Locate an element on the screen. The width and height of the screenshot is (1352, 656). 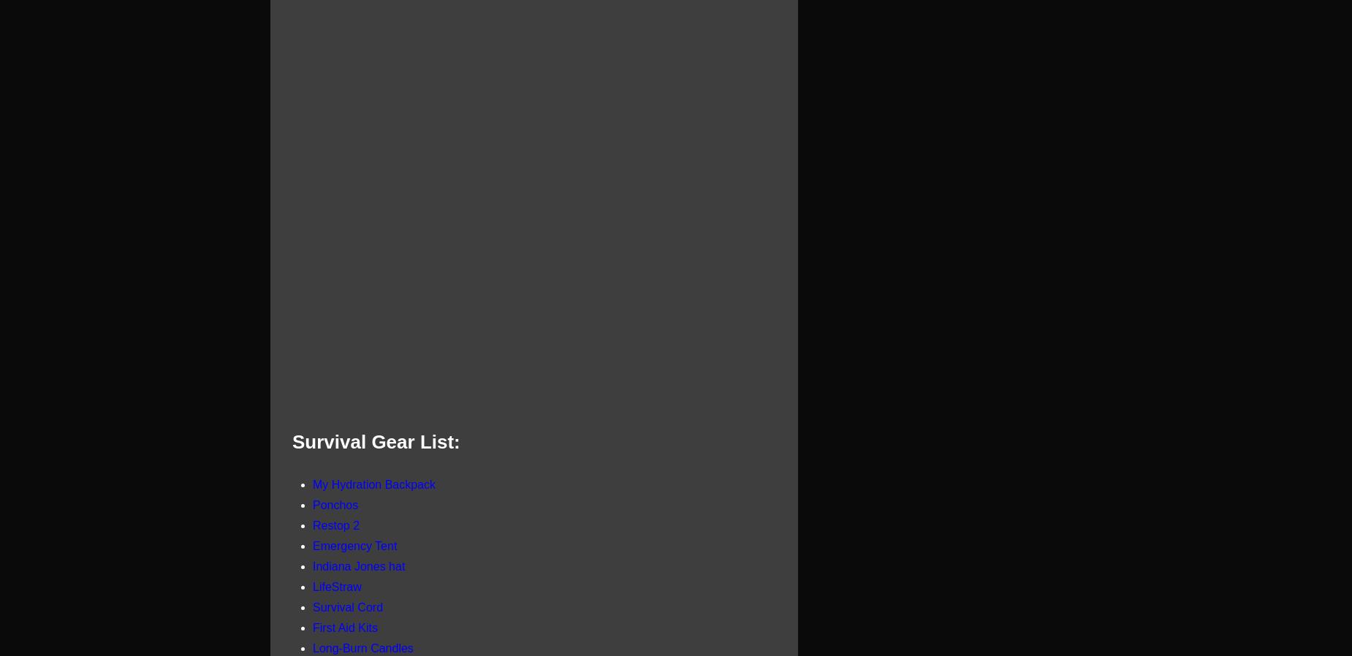
'Survival Gear List:' is located at coordinates (376, 440).